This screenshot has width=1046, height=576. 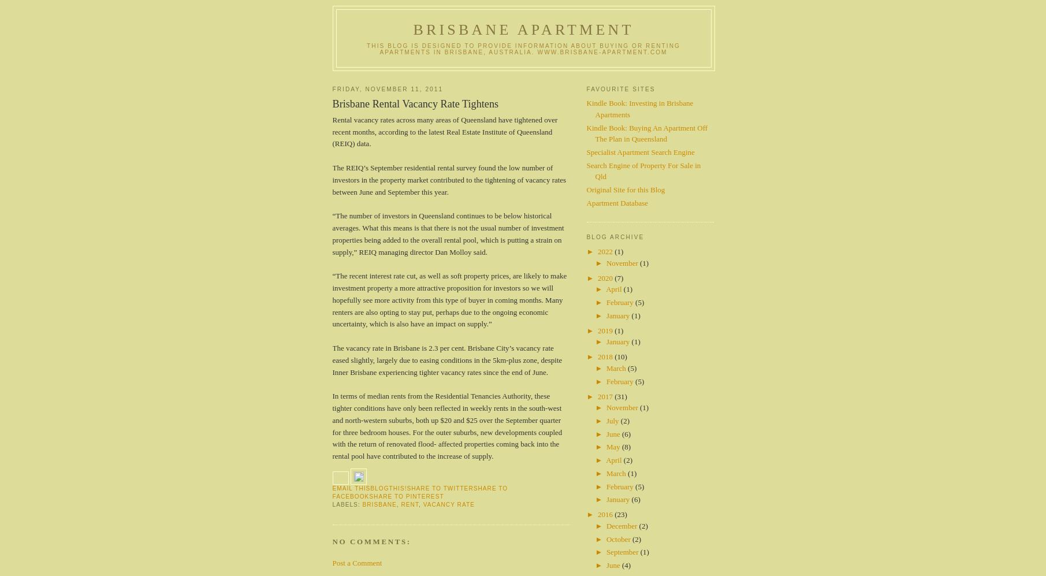 I want to click on 'Original Site for this Blog', so click(x=625, y=188).